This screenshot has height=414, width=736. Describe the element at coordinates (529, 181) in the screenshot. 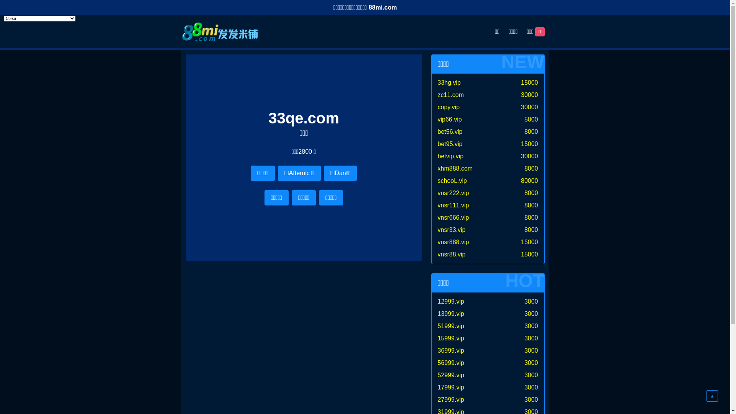

I see `'80000'` at that location.